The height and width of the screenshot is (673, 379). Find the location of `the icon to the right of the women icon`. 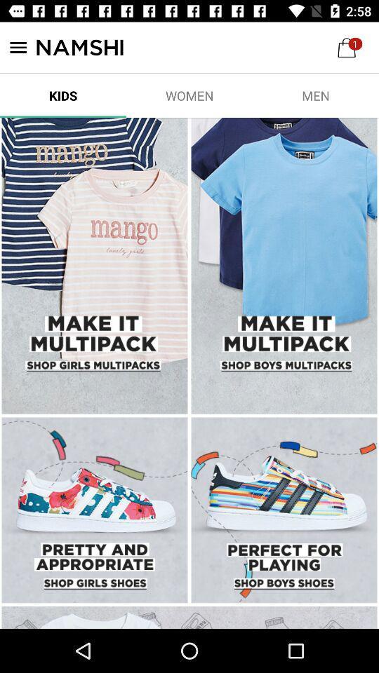

the icon to the right of the women icon is located at coordinates (315, 95).